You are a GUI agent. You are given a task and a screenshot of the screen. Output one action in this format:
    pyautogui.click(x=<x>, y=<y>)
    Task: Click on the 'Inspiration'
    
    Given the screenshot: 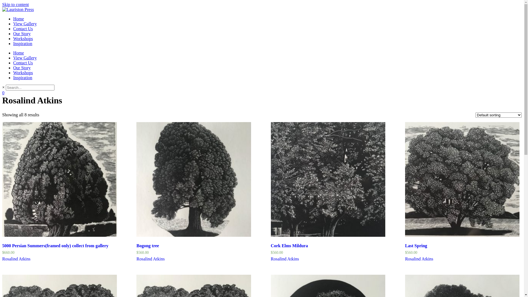 What is the action you would take?
    pyautogui.click(x=22, y=78)
    